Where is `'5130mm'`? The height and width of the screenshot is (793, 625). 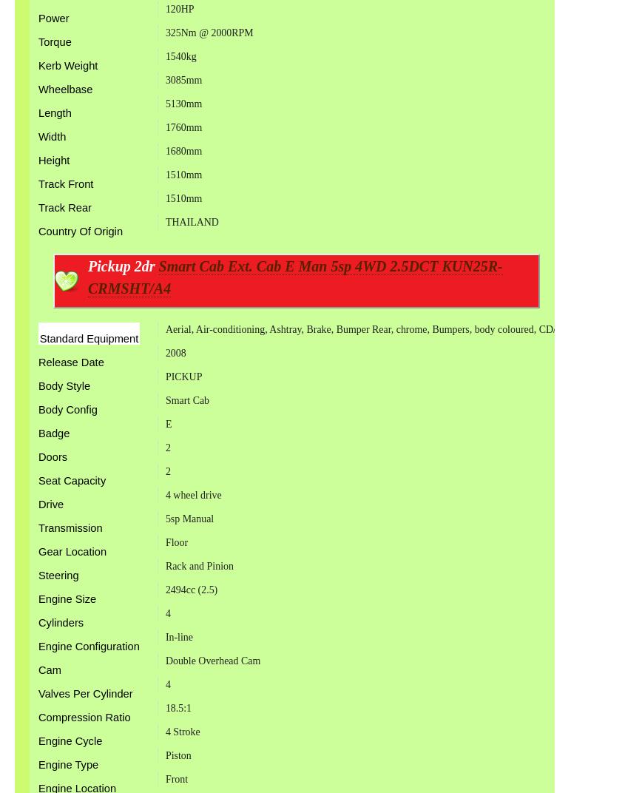
'5130mm' is located at coordinates (163, 103).